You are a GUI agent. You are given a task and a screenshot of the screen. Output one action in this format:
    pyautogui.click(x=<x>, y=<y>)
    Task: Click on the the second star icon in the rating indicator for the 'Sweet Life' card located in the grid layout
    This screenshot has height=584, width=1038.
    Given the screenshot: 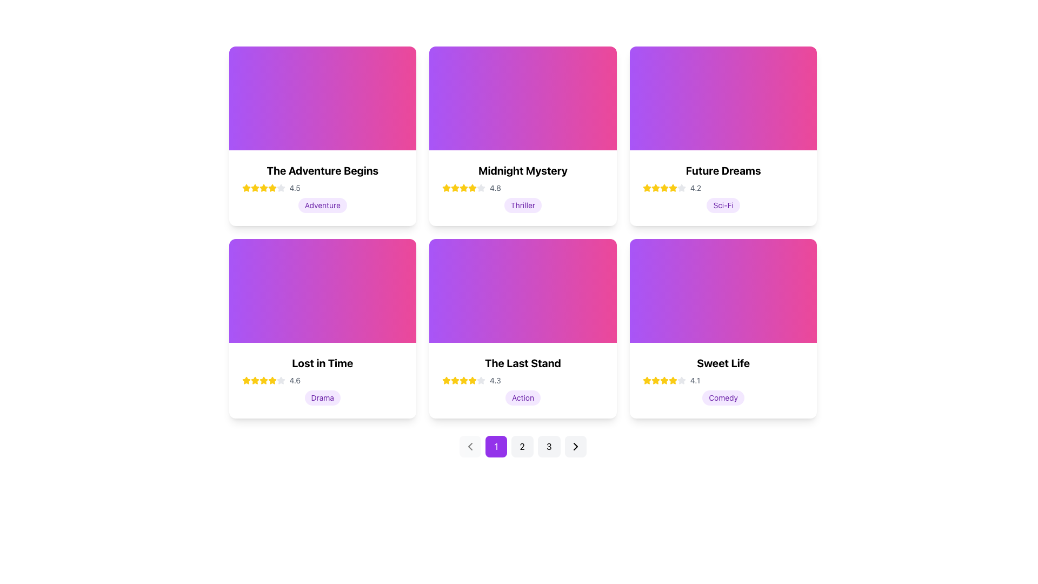 What is the action you would take?
    pyautogui.click(x=663, y=380)
    